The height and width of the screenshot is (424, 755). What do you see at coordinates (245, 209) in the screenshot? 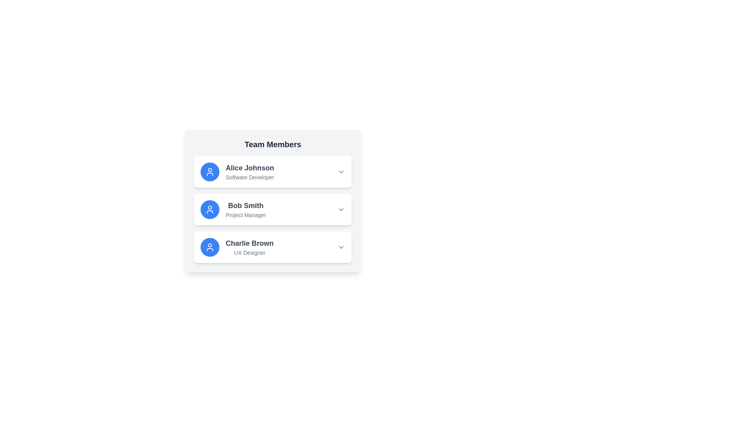
I see `the text block displaying 'Bob Smith' as the second entry in the 'Team Members' list` at bounding box center [245, 209].